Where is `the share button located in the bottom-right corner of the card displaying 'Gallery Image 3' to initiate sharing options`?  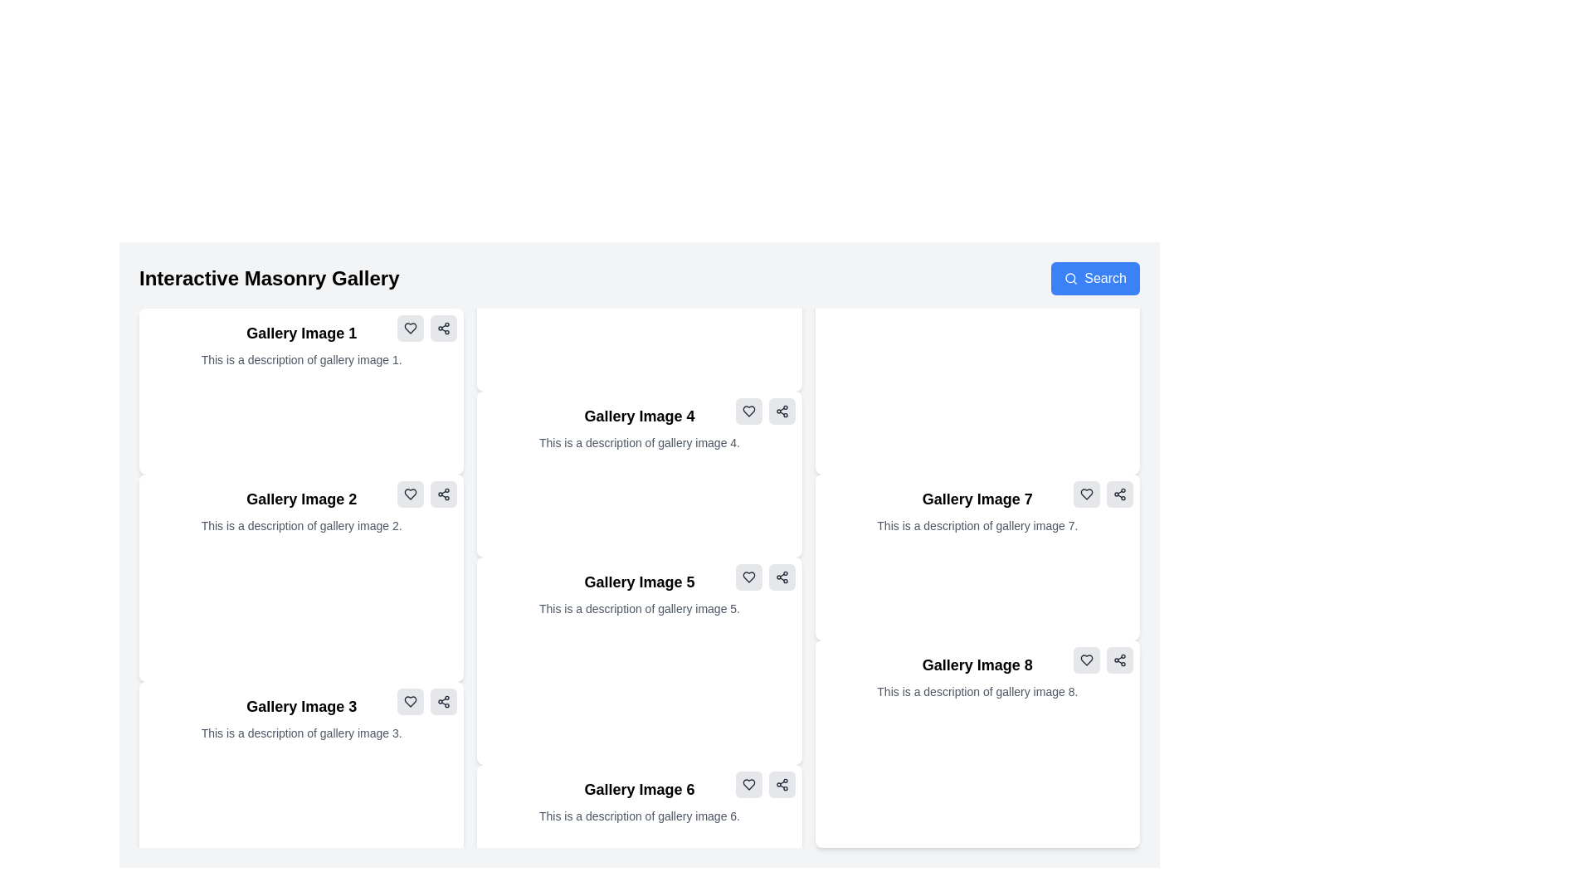
the share button located in the bottom-right corner of the card displaying 'Gallery Image 3' to initiate sharing options is located at coordinates (444, 701).